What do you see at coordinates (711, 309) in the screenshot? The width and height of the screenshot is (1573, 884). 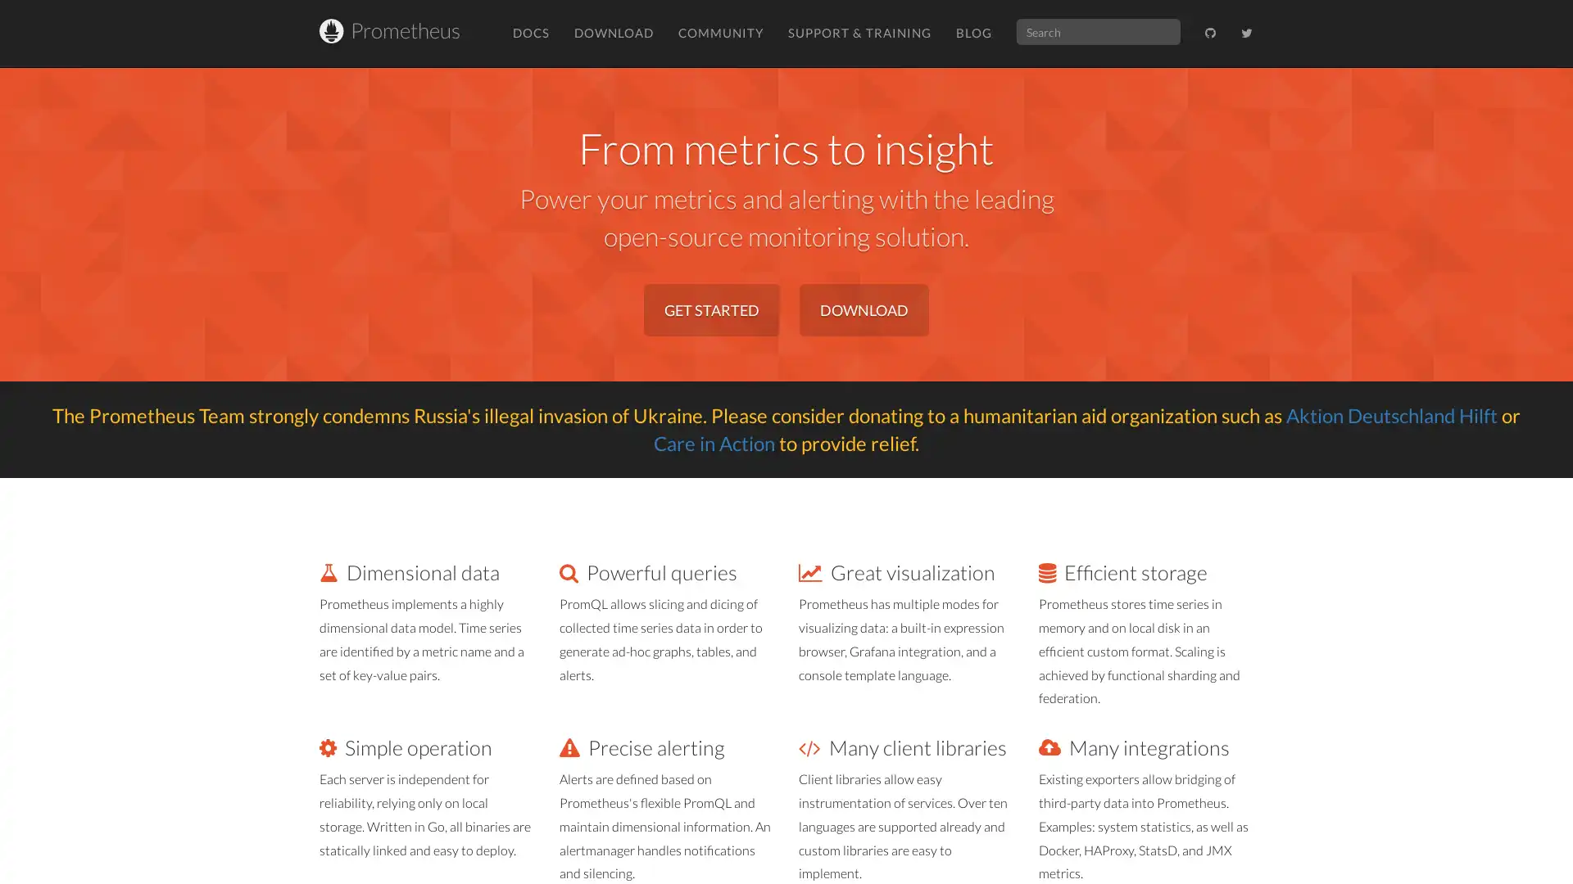 I see `GET STARTED` at bounding box center [711, 309].